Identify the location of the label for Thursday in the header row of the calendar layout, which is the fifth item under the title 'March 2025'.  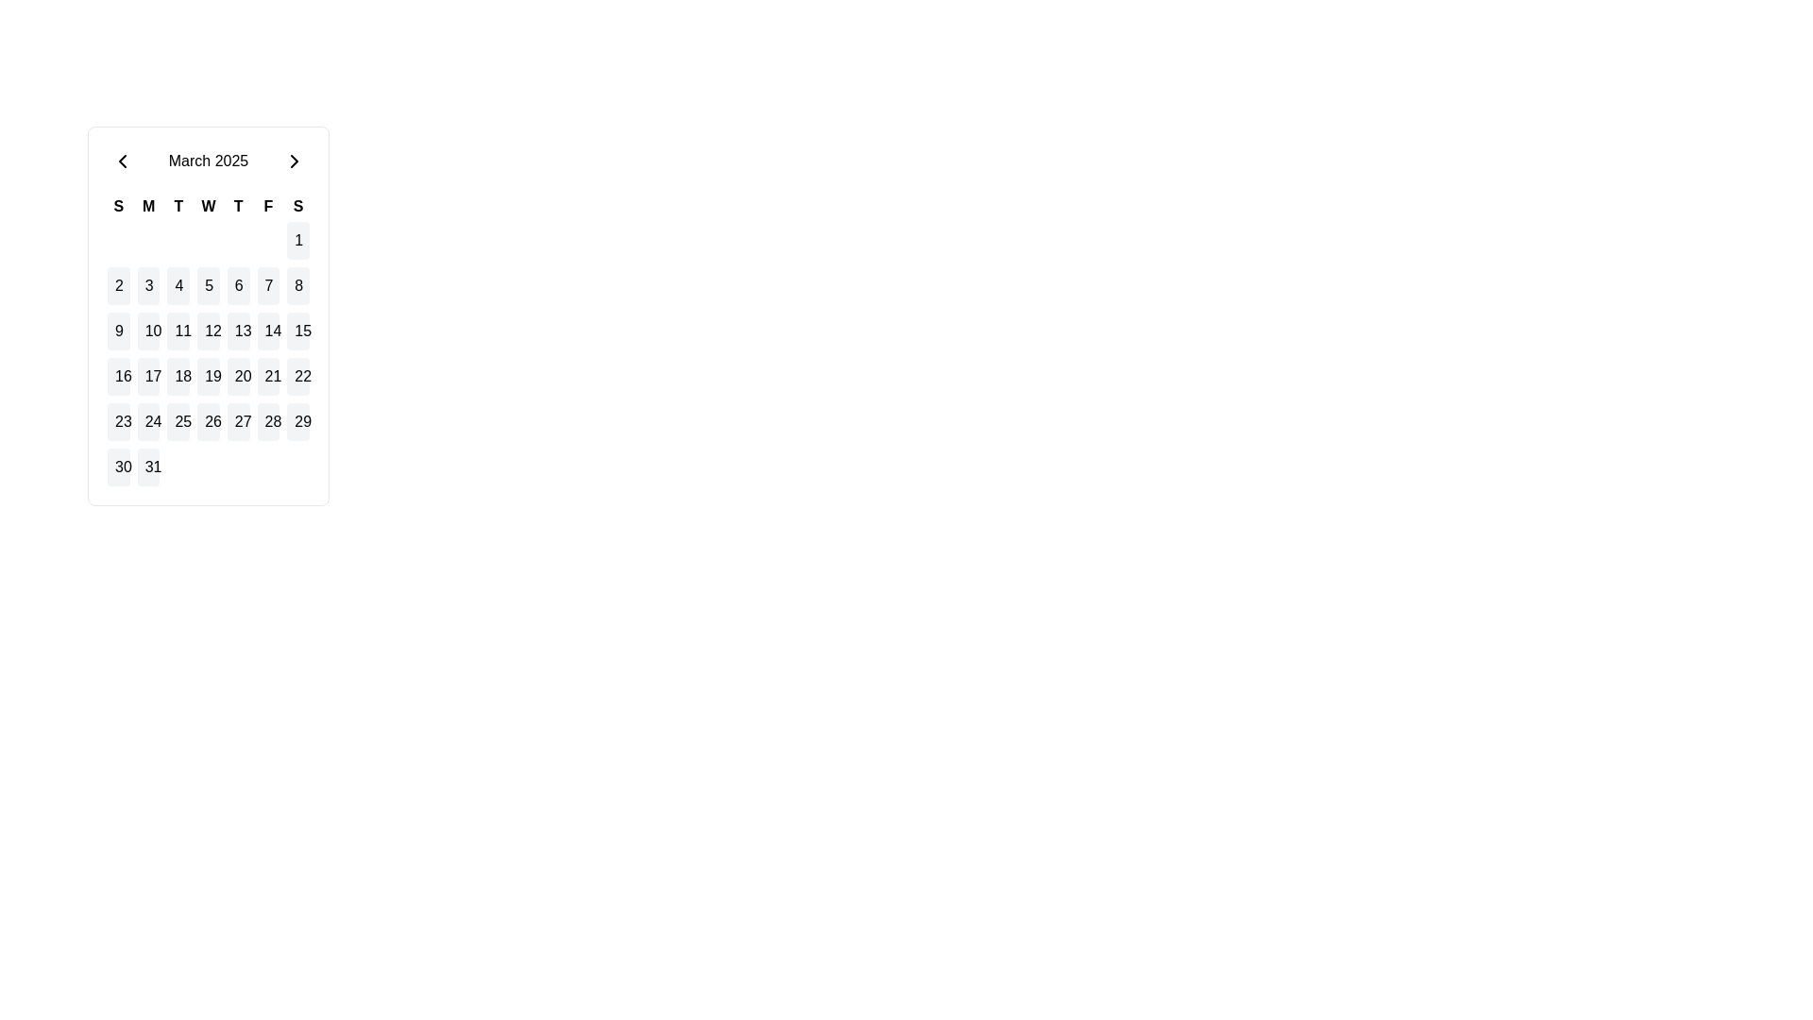
(237, 207).